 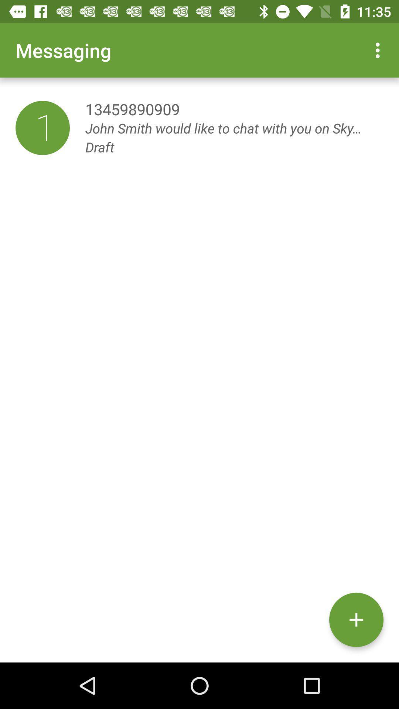 What do you see at coordinates (42, 128) in the screenshot?
I see `the item next to 13459890909 icon` at bounding box center [42, 128].